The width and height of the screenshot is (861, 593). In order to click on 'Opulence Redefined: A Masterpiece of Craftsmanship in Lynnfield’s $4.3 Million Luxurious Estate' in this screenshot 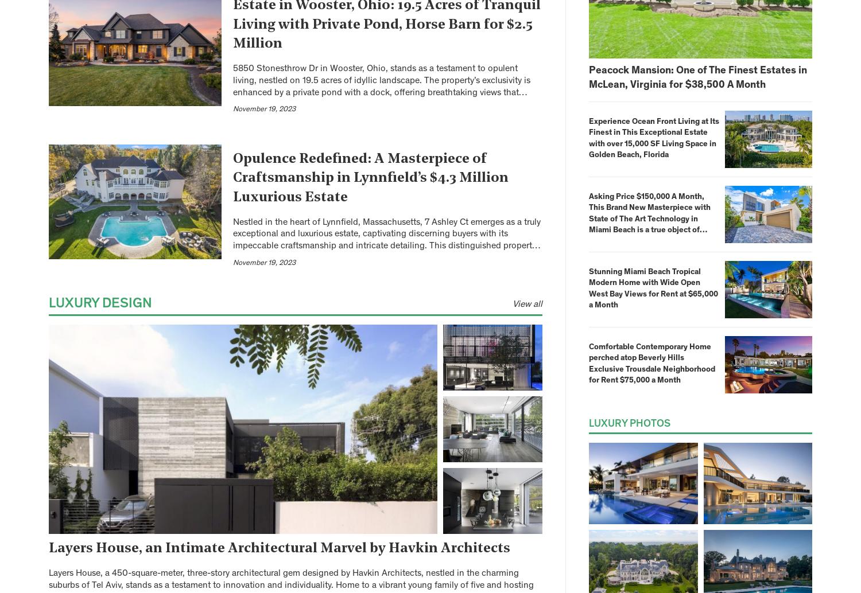, I will do `click(371, 178)`.